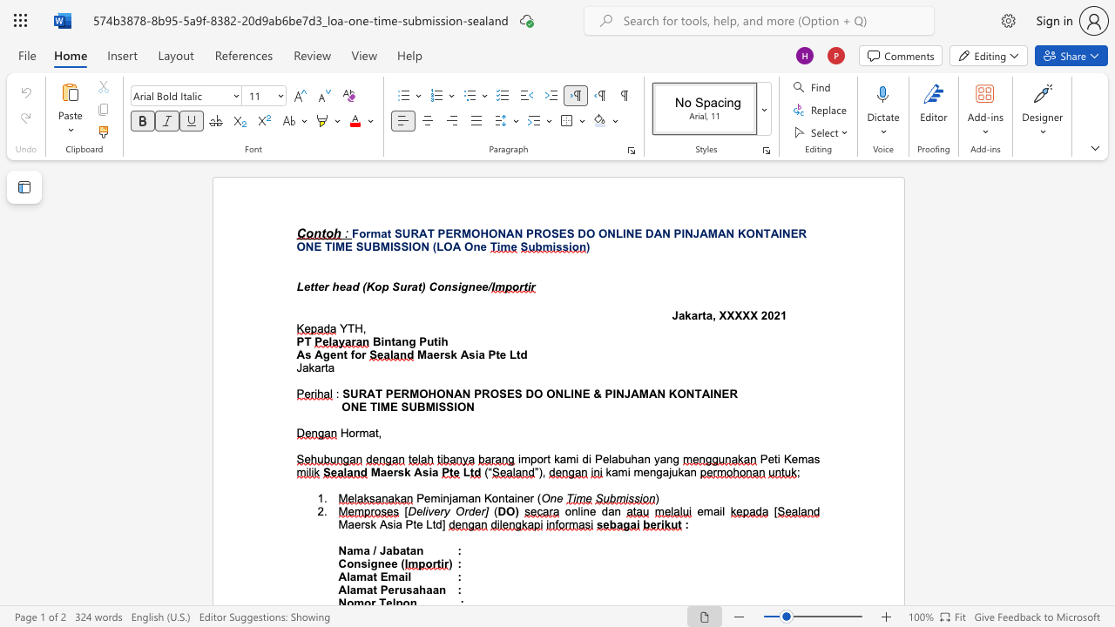  Describe the element at coordinates (706, 315) in the screenshot. I see `the subset text "a, XXX" within the text "Jakarta, XXXXX"` at that location.